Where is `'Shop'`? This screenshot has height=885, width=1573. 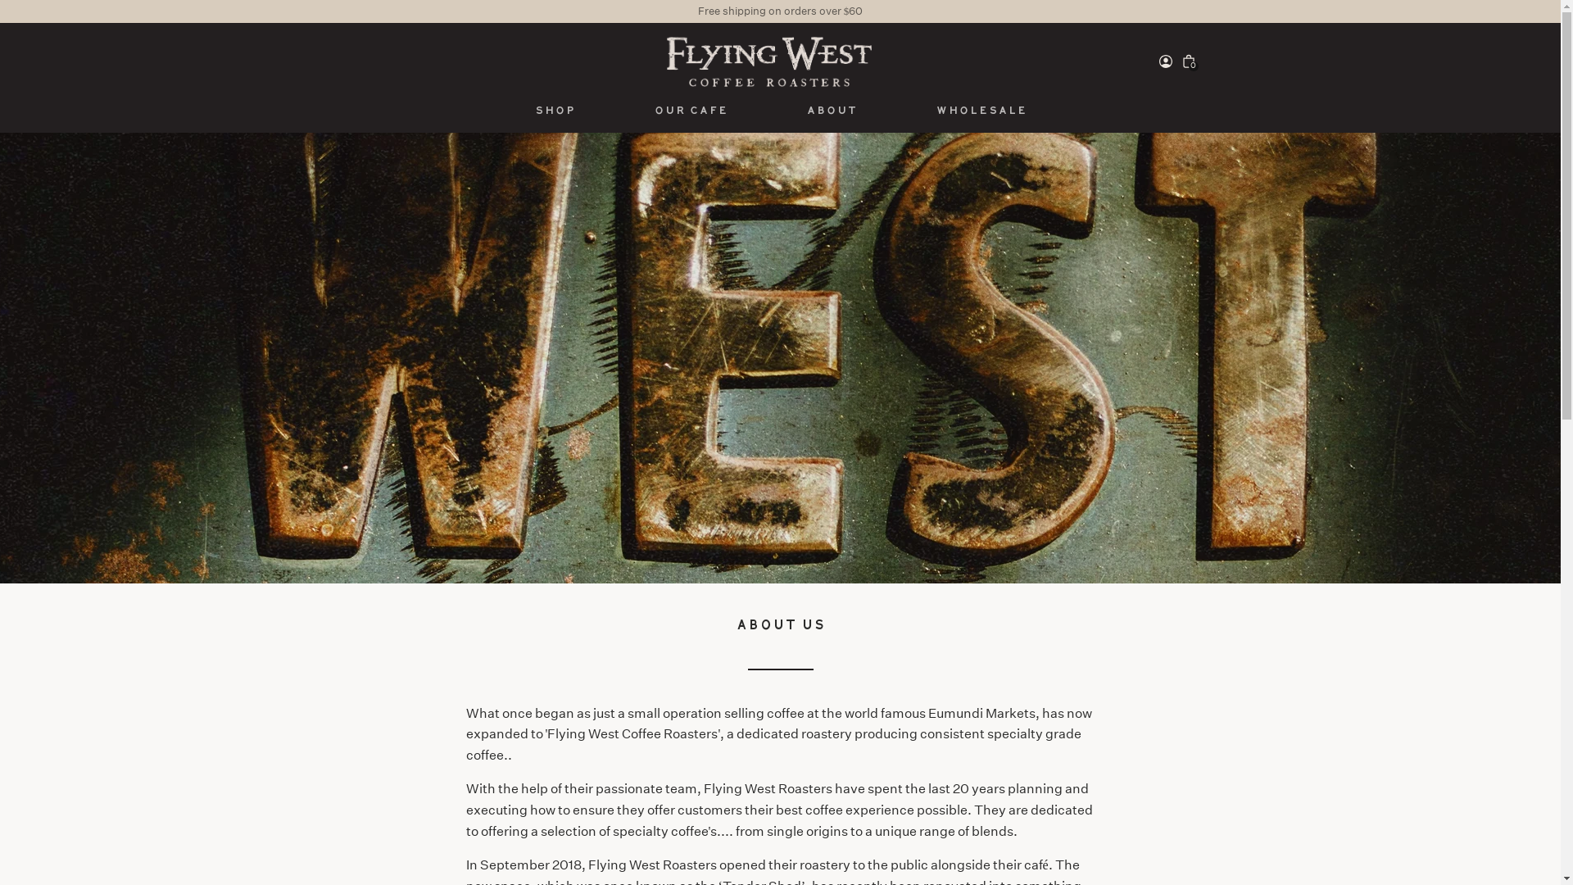
'Shop' is located at coordinates (534, 111).